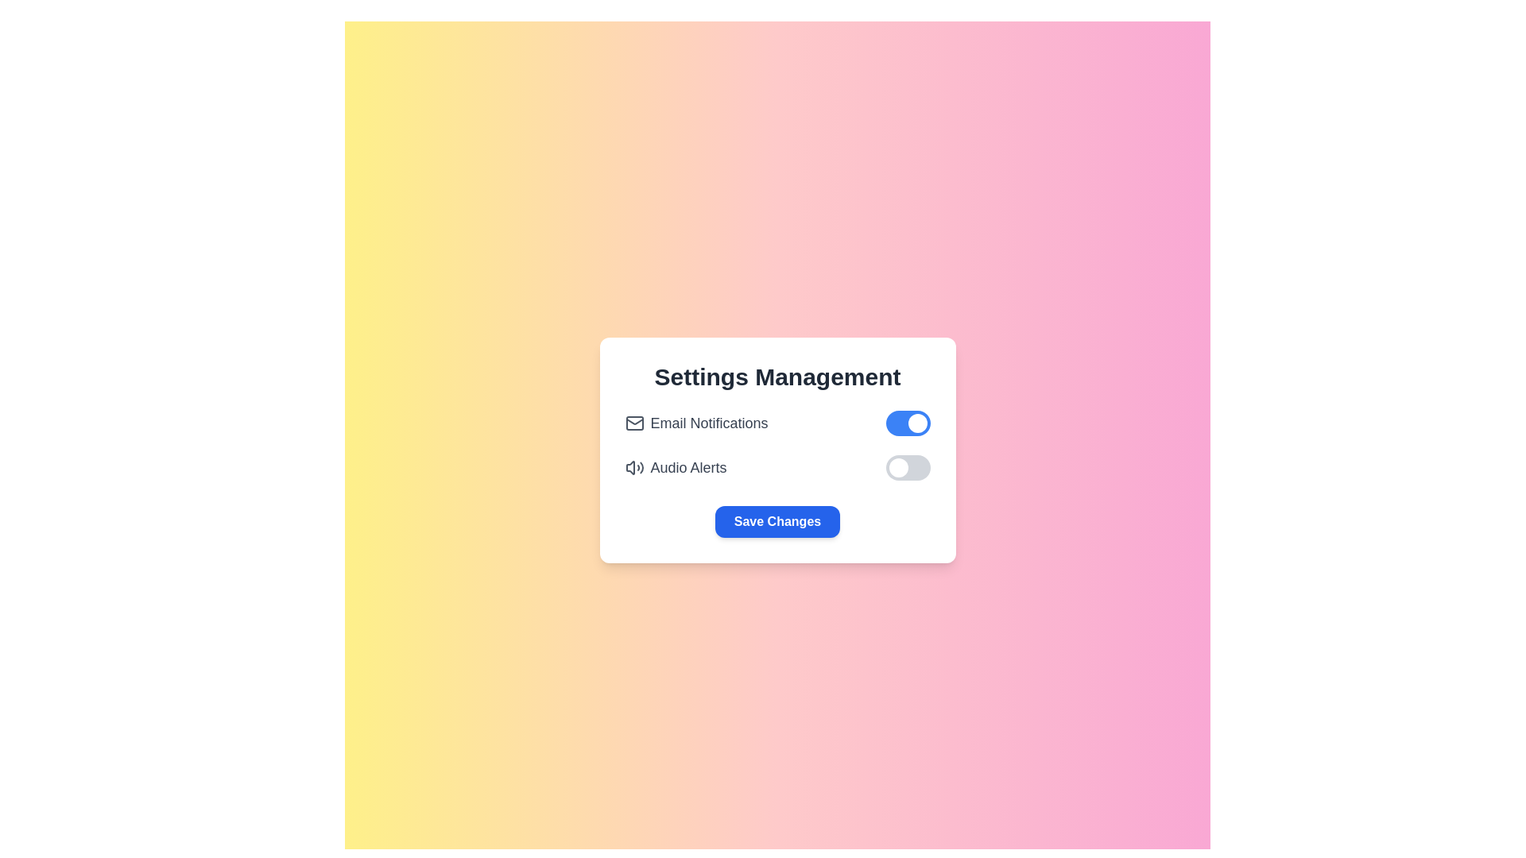 The image size is (1526, 858). I want to click on the 'Email Notifications' label with the email envelope icon located in the settings panel under 'Settings Management', so click(696, 422).